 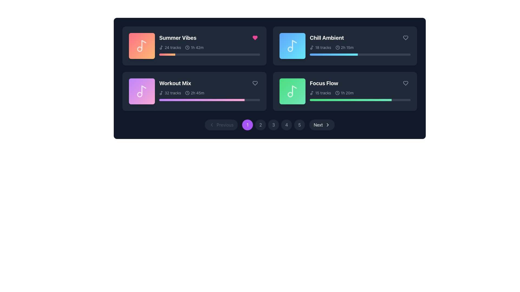 What do you see at coordinates (255, 37) in the screenshot?
I see `the heart-shaped pink icon located in the top-right corner of the 'Summer Vibes' card` at bounding box center [255, 37].